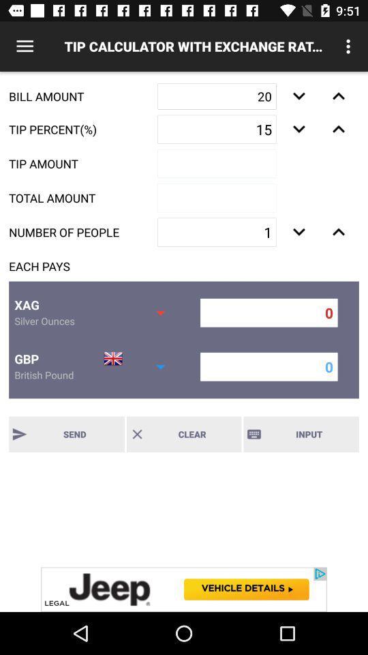 This screenshot has height=655, width=368. What do you see at coordinates (298, 129) in the screenshot?
I see `down arrow side to second text box` at bounding box center [298, 129].